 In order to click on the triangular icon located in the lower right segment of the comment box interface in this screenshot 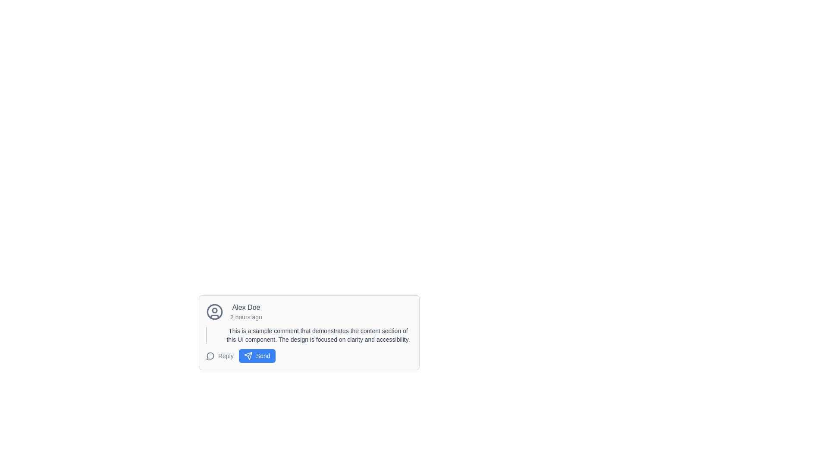, I will do `click(248, 356)`.